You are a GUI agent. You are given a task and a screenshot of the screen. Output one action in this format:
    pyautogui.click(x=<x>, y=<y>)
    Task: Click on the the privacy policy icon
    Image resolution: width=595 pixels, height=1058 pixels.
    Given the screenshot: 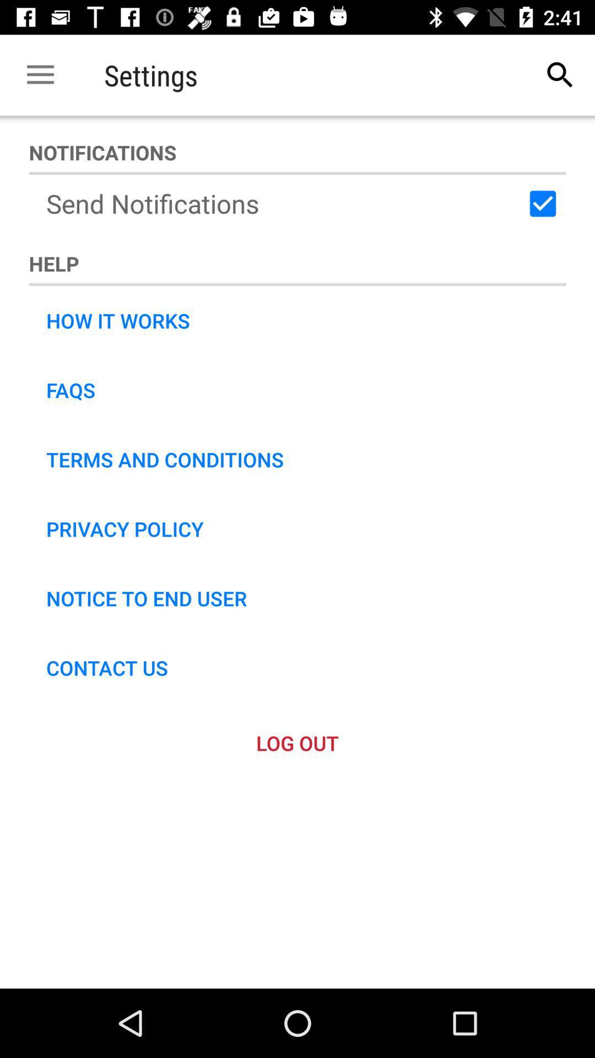 What is the action you would take?
    pyautogui.click(x=124, y=529)
    